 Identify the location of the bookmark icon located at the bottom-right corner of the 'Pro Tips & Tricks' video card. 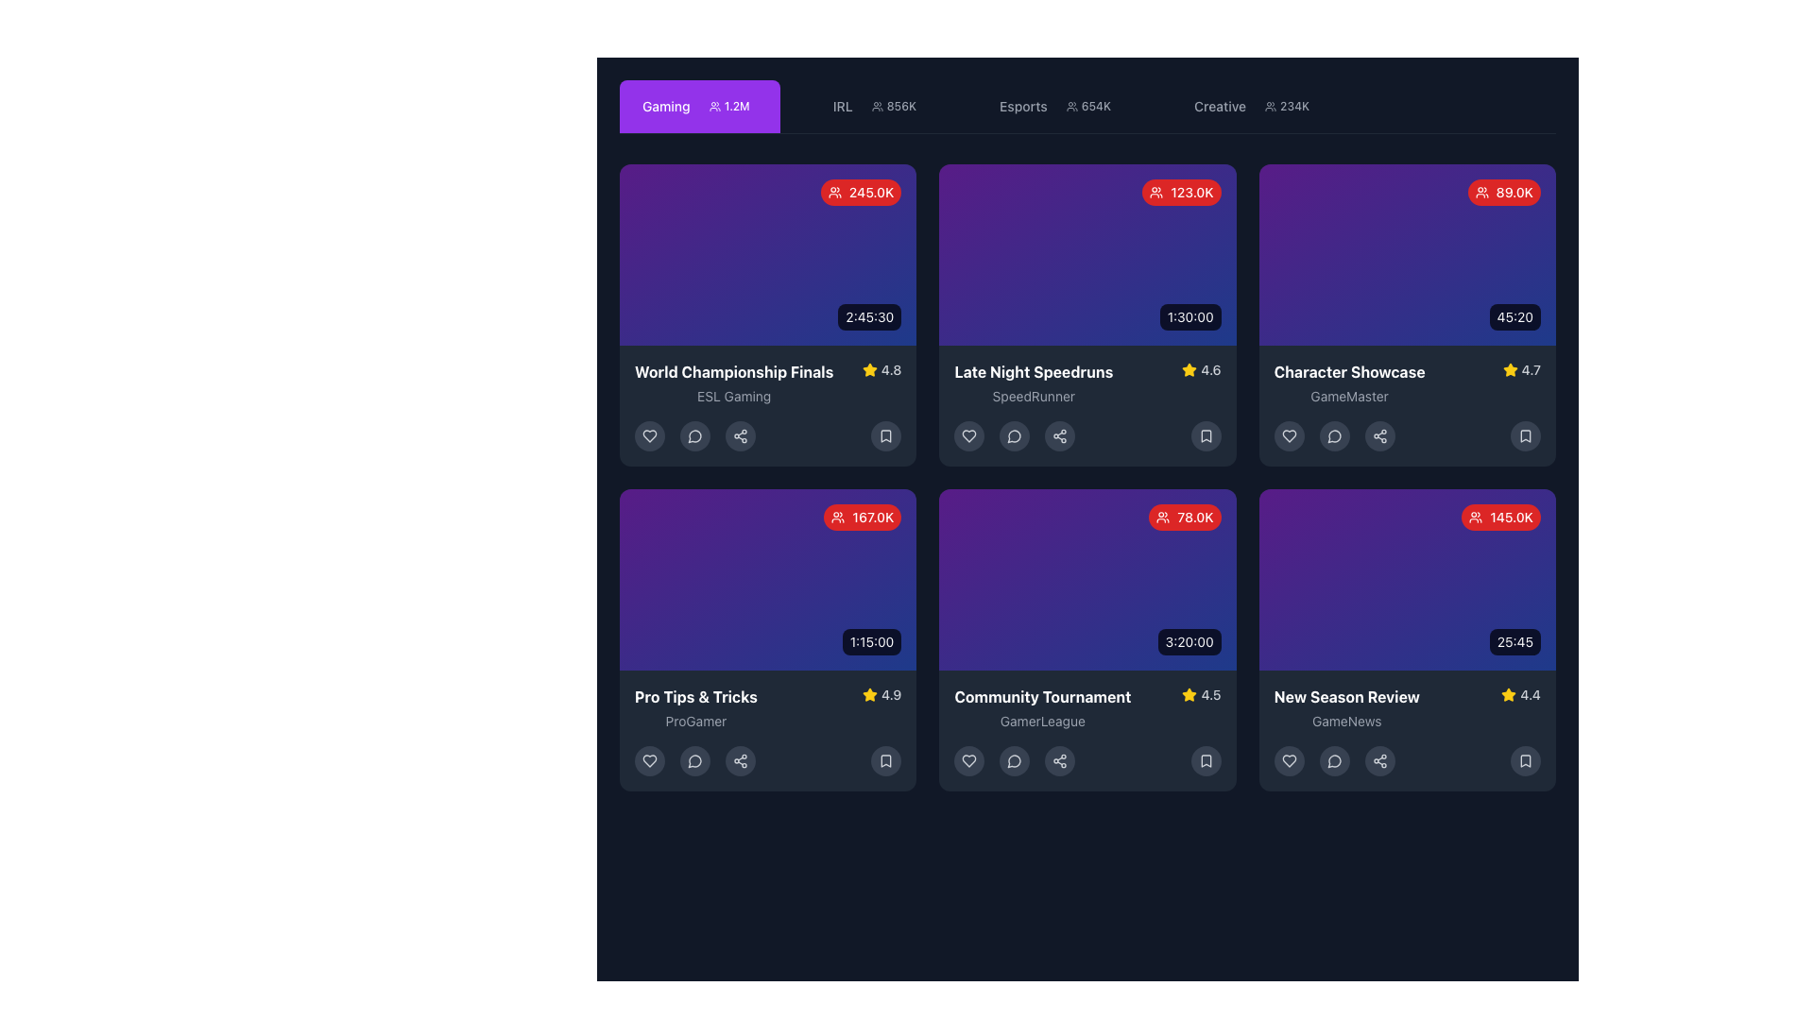
(885, 760).